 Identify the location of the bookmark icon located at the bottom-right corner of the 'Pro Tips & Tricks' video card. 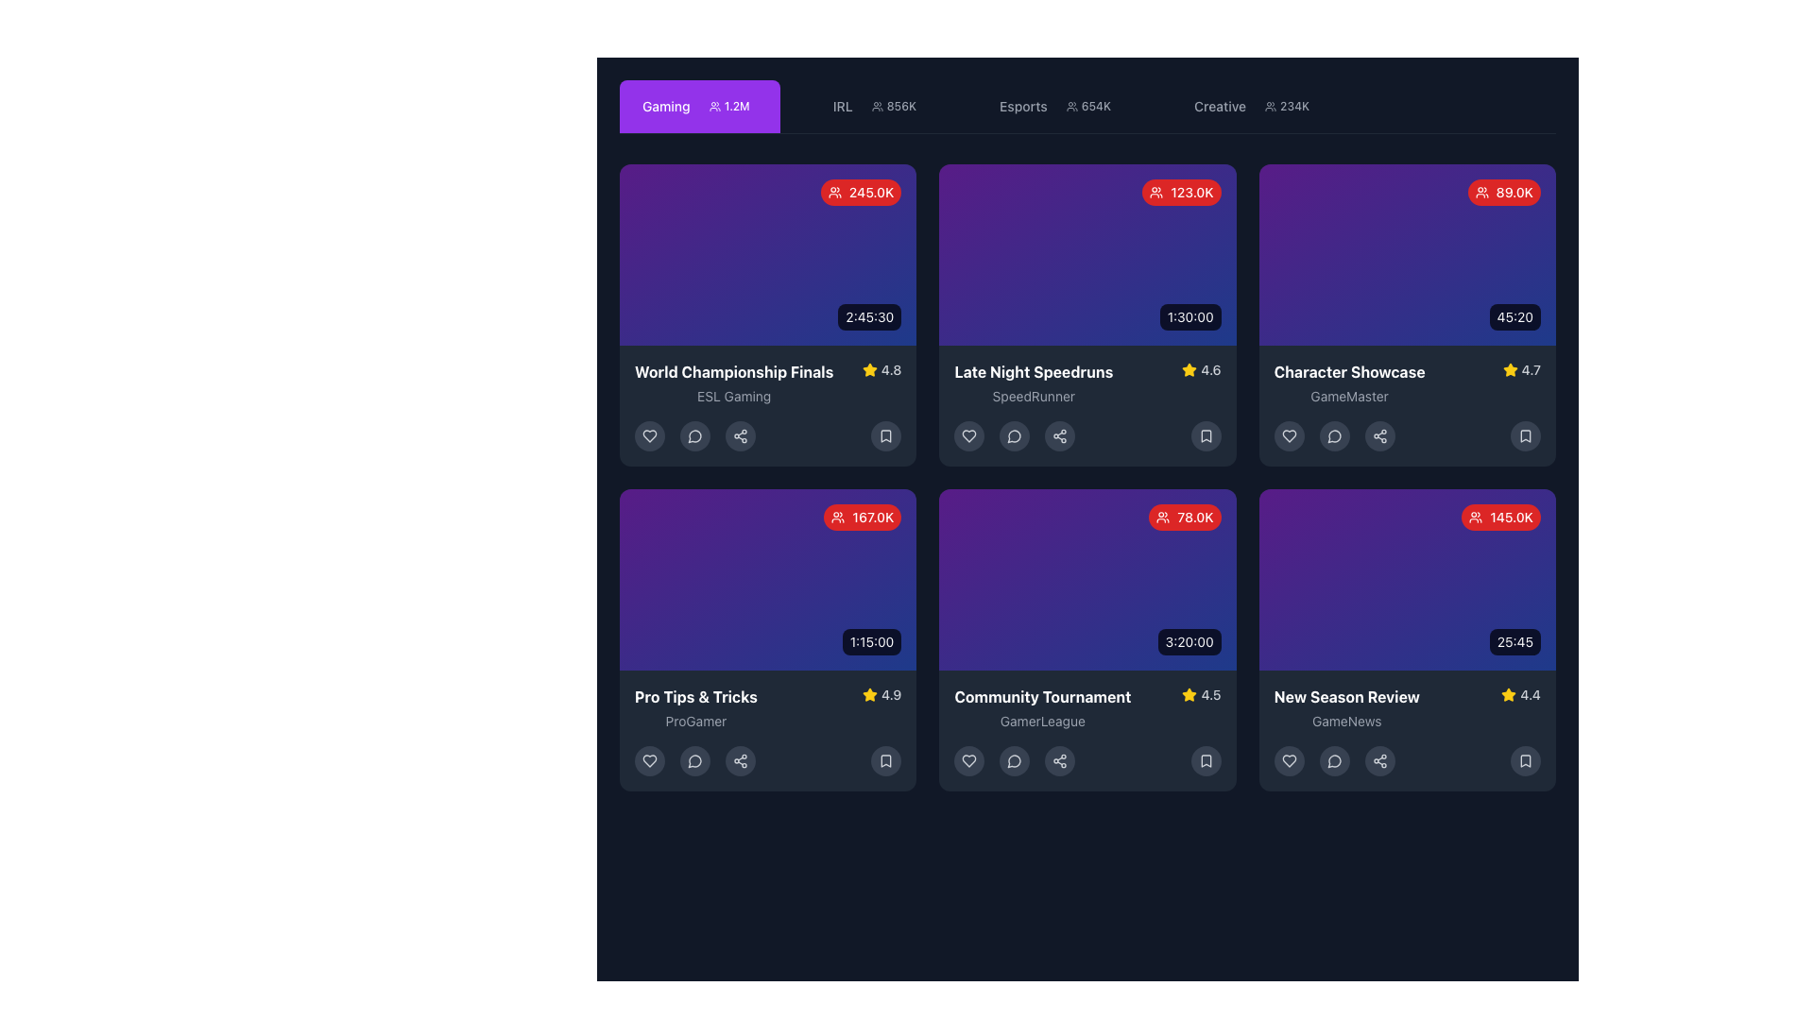
(885, 760).